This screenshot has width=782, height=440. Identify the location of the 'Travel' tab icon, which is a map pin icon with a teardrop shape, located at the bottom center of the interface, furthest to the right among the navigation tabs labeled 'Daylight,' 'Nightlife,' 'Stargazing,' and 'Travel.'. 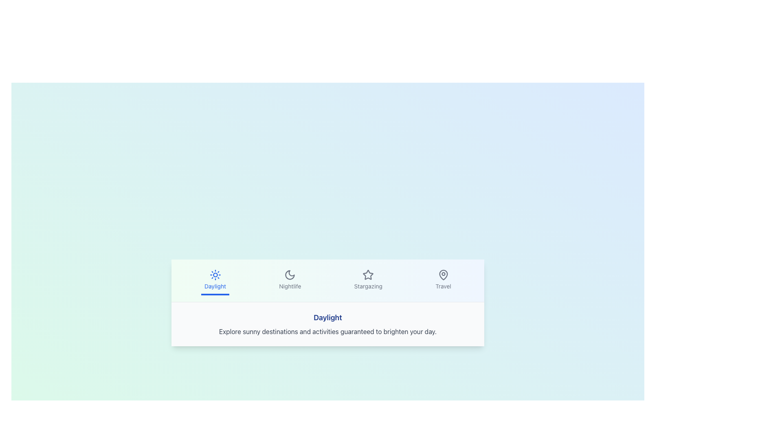
(443, 275).